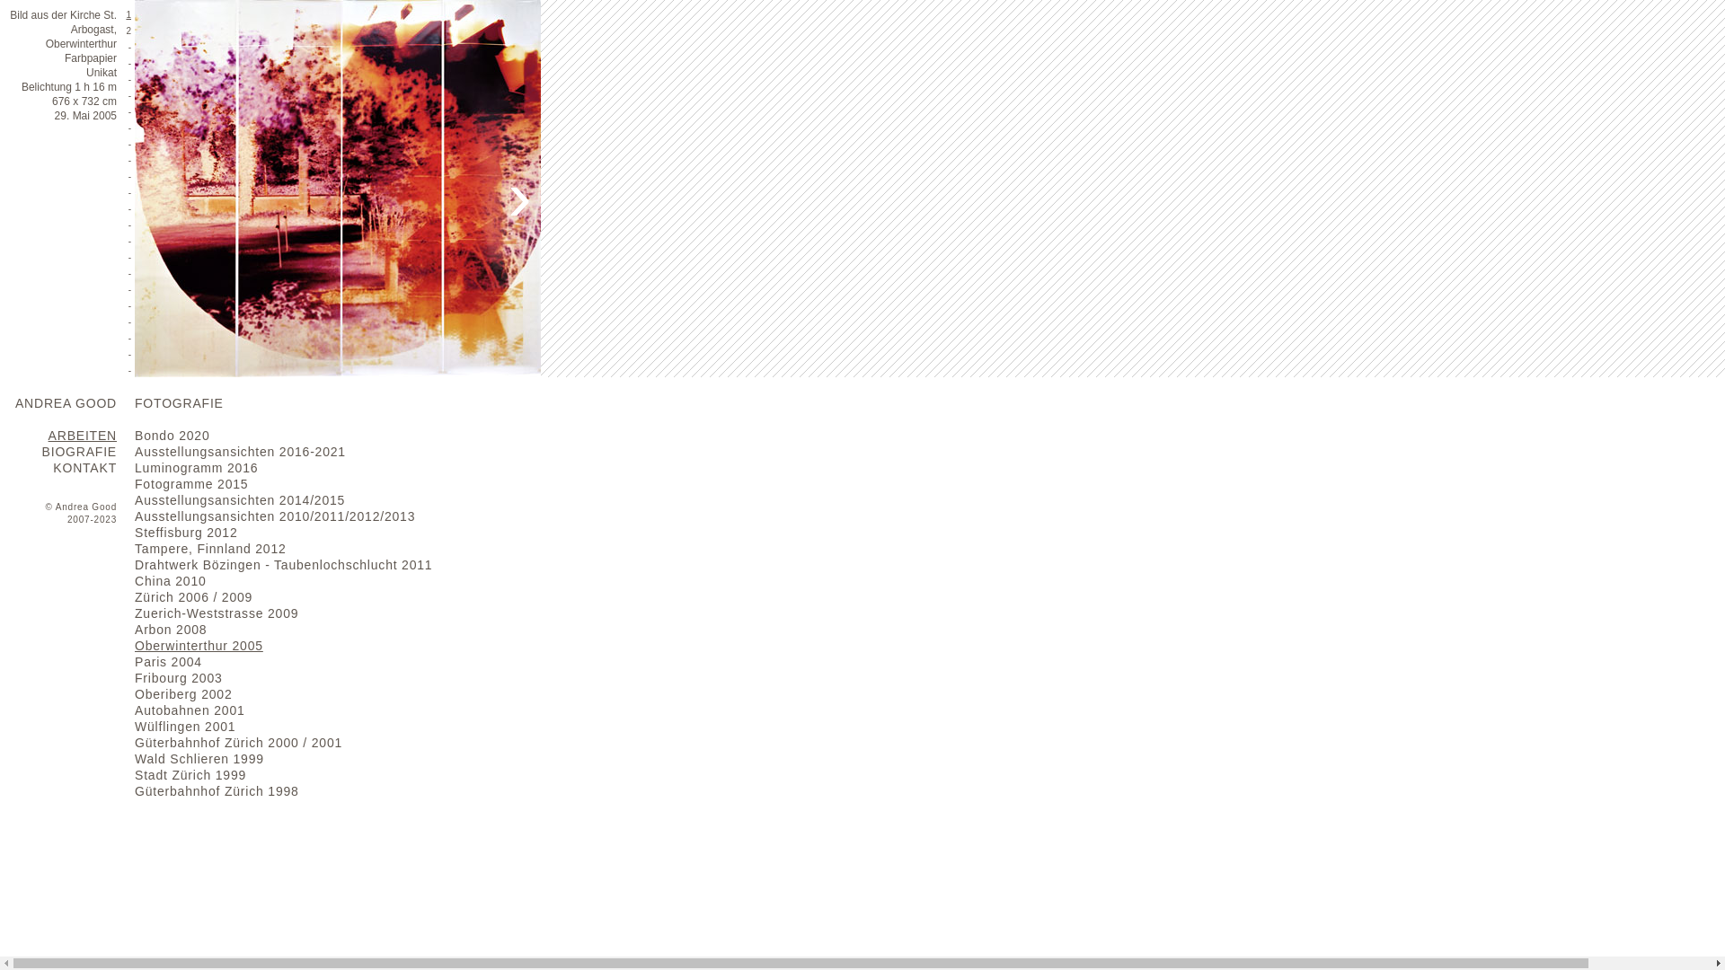 The image size is (1725, 970). Describe the element at coordinates (66, 401) in the screenshot. I see `'ANDREA GOOD'` at that location.